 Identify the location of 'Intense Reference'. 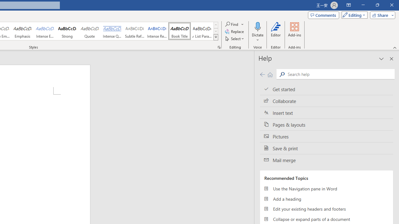
(157, 31).